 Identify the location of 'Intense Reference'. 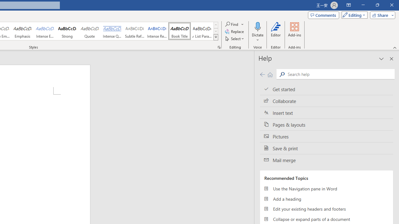
(157, 31).